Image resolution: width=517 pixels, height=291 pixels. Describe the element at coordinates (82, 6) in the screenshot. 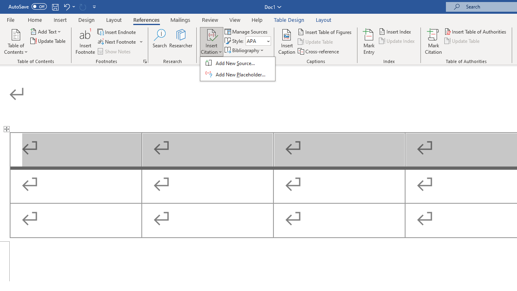

I see `'Can'` at that location.